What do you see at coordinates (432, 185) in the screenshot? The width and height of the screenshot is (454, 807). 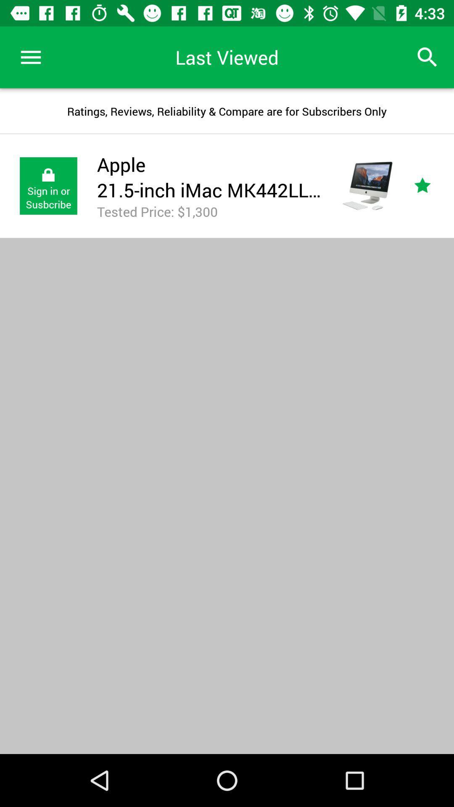 I see `the item below ratings reviews reliability item` at bounding box center [432, 185].